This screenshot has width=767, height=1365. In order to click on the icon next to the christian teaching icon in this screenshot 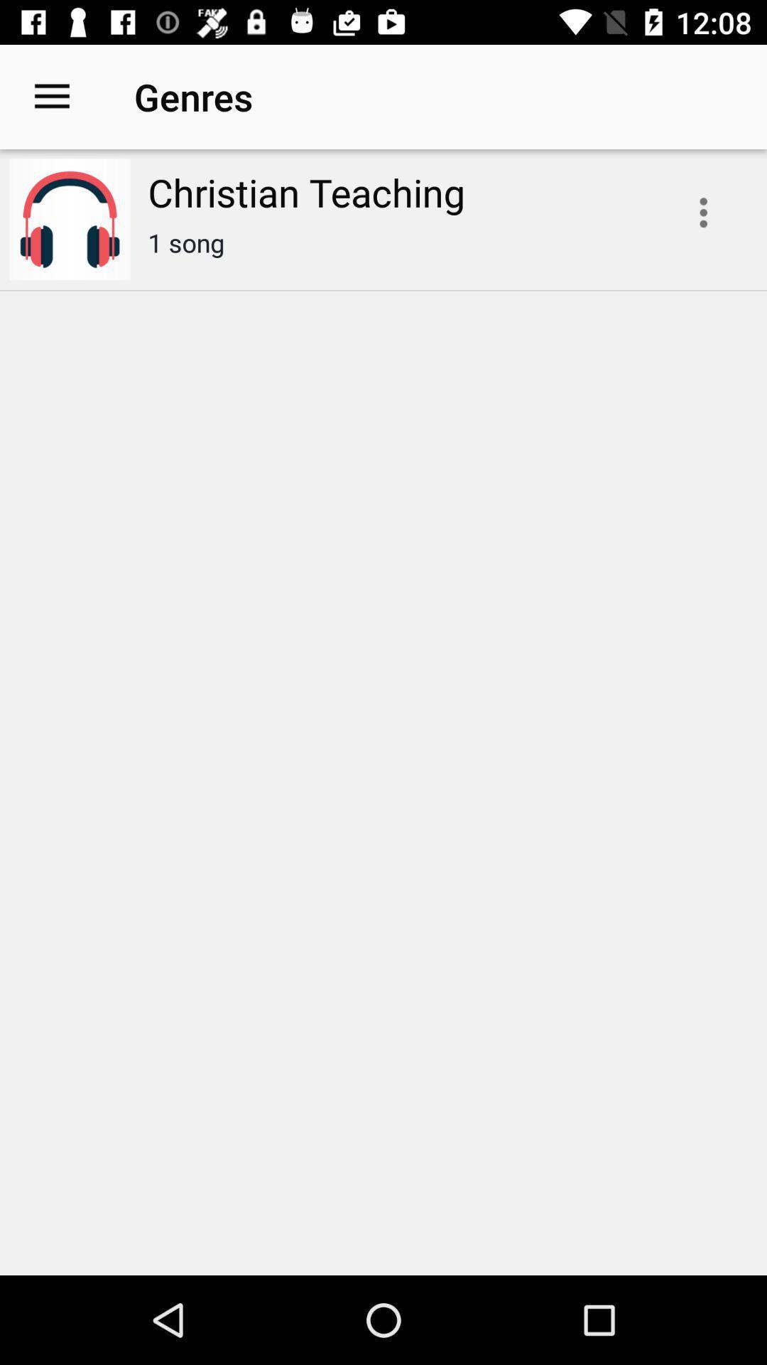, I will do `click(703, 212)`.